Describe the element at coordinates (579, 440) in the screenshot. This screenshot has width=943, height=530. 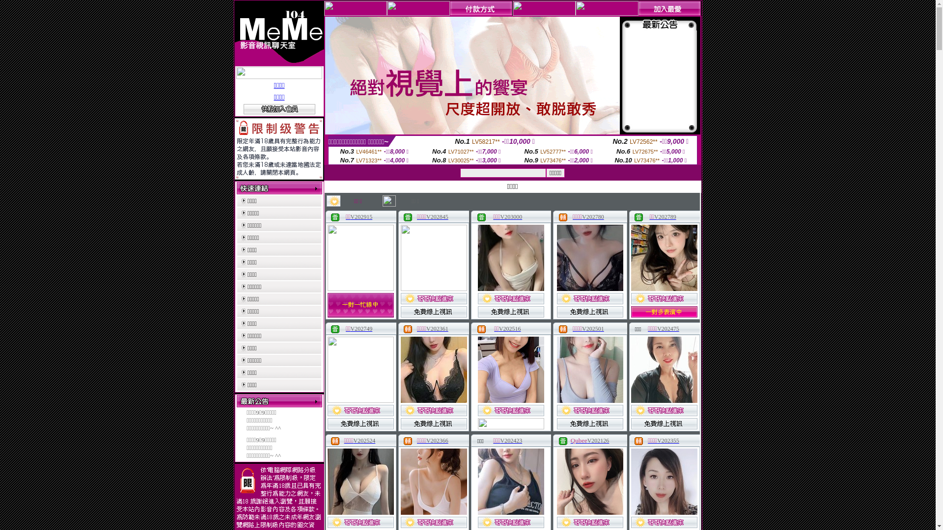
I see `'Qubee'` at that location.